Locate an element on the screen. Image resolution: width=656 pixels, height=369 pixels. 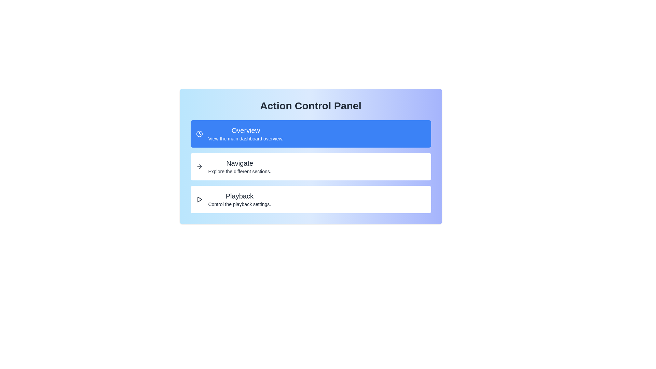
the text label reading 'Playback' which is prominently displayed in a bold font above a smaller descriptive text within the third rectangular card of the 'Action Control Panel' is located at coordinates (240, 196).